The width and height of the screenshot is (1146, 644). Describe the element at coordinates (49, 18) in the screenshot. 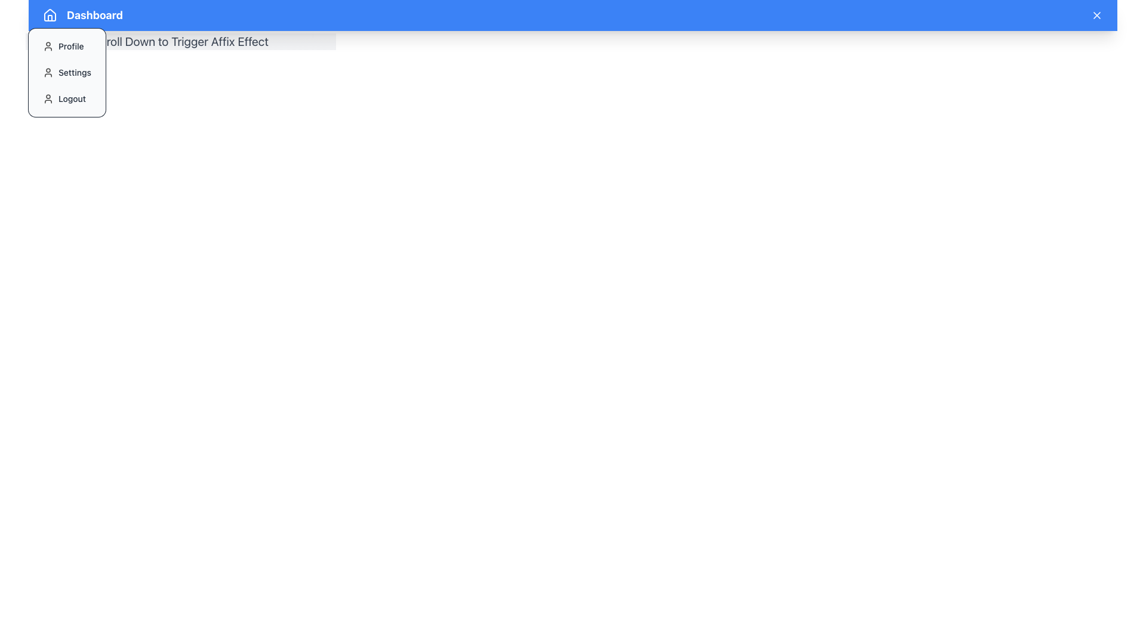

I see `the door section of the house icon in the top left corner of the 'Dashboard' navigation bar, which is represented as a vector graphic with a white stroke` at that location.